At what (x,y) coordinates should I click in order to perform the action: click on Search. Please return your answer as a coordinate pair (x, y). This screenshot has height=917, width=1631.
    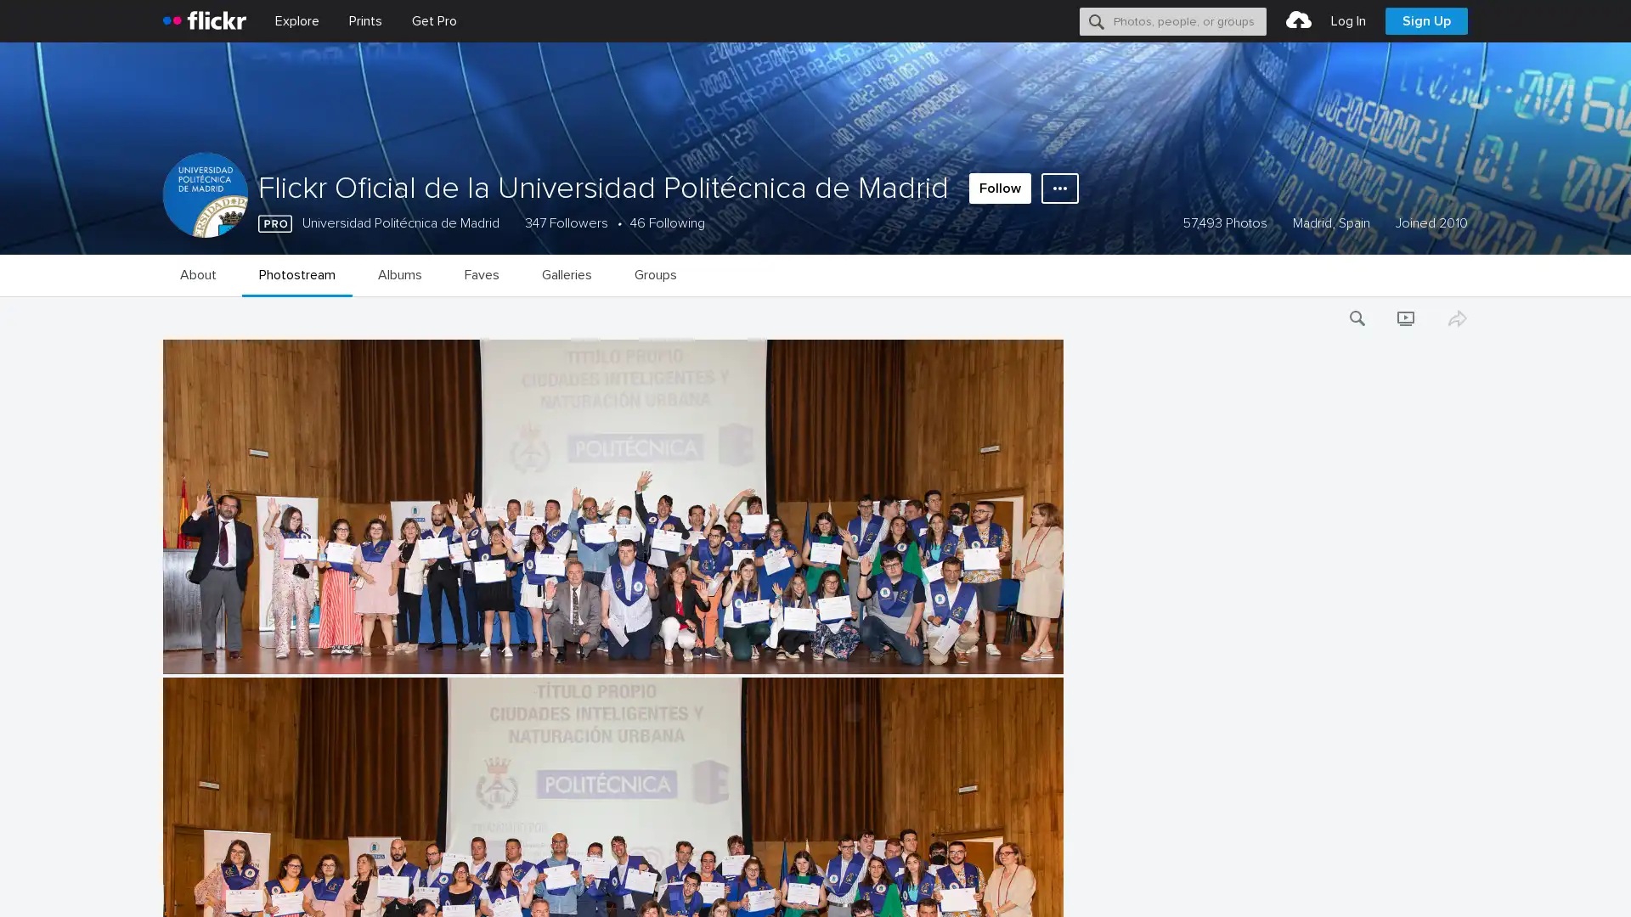
    Looking at the image, I should click on (1097, 20).